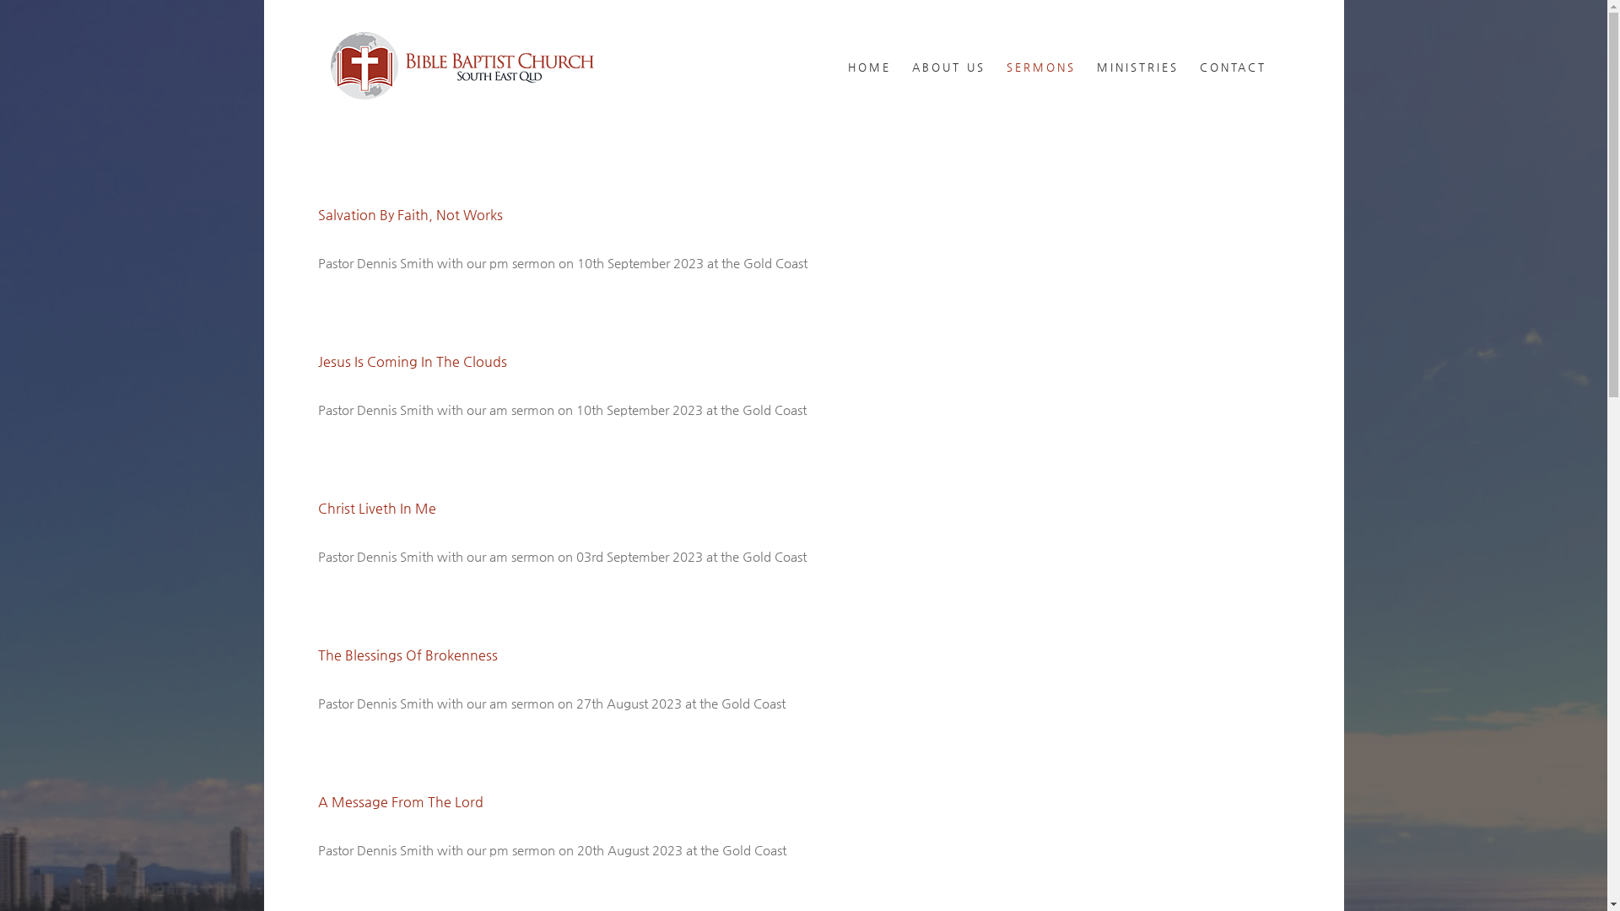  Describe the element at coordinates (316, 213) in the screenshot. I see `'Salvation By Faith, Not Works'` at that location.